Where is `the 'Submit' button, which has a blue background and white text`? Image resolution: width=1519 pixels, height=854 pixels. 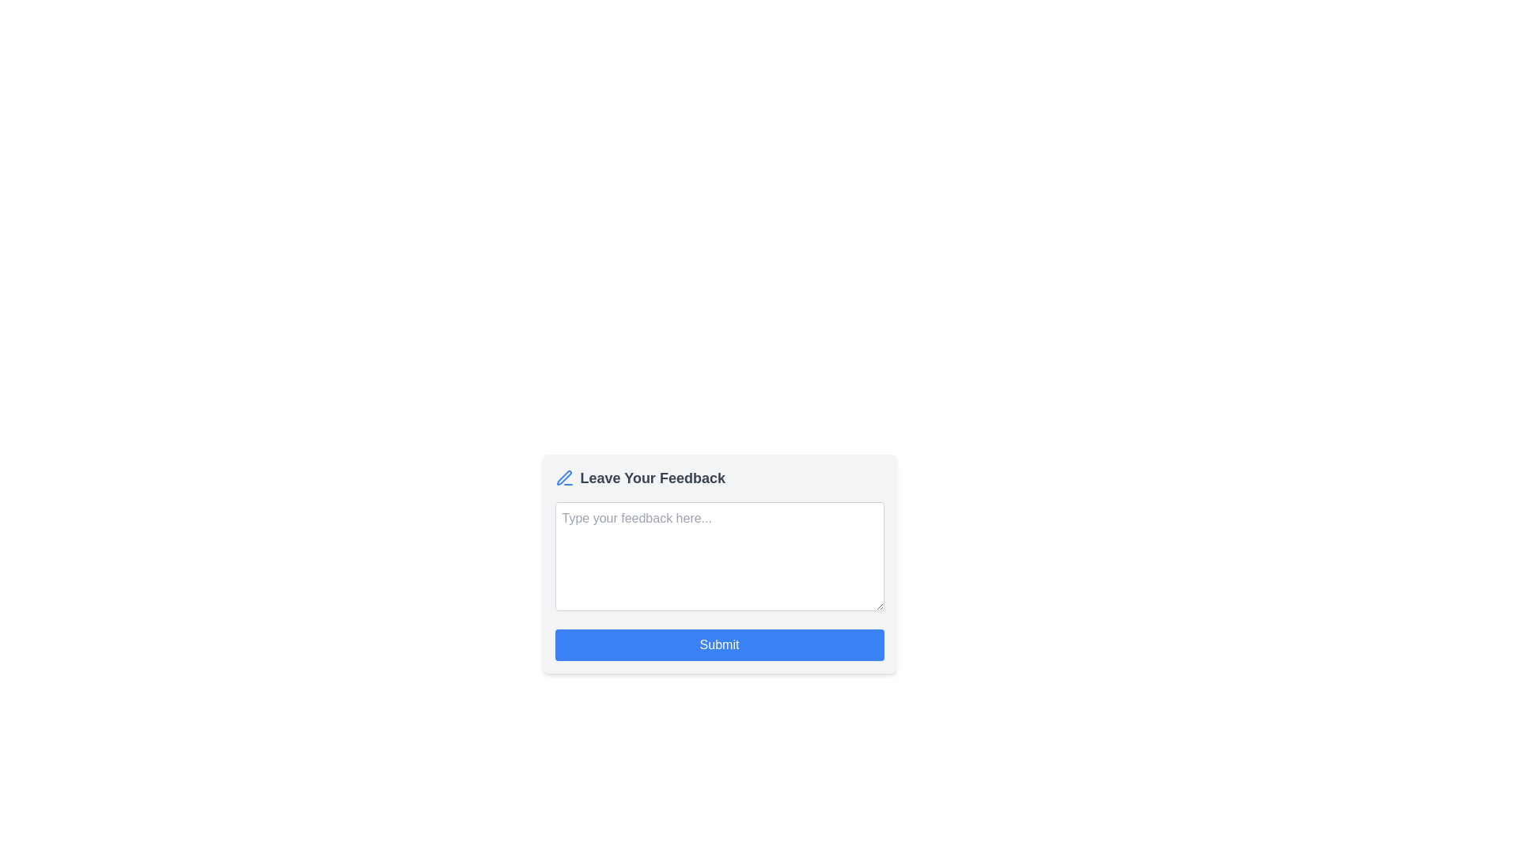
the 'Submit' button, which has a blue background and white text is located at coordinates (718, 645).